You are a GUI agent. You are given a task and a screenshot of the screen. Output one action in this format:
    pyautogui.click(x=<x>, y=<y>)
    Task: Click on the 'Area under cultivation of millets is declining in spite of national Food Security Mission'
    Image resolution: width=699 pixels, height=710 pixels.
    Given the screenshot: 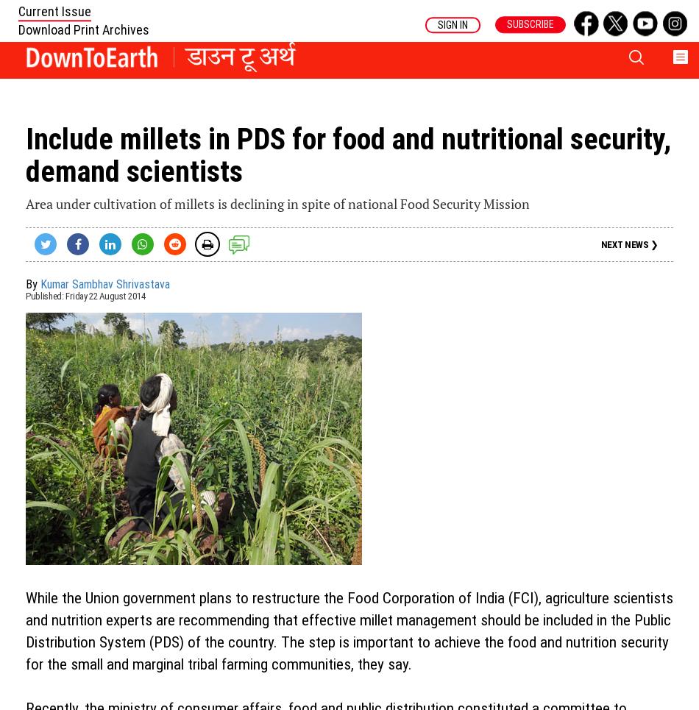 What is the action you would take?
    pyautogui.click(x=277, y=203)
    